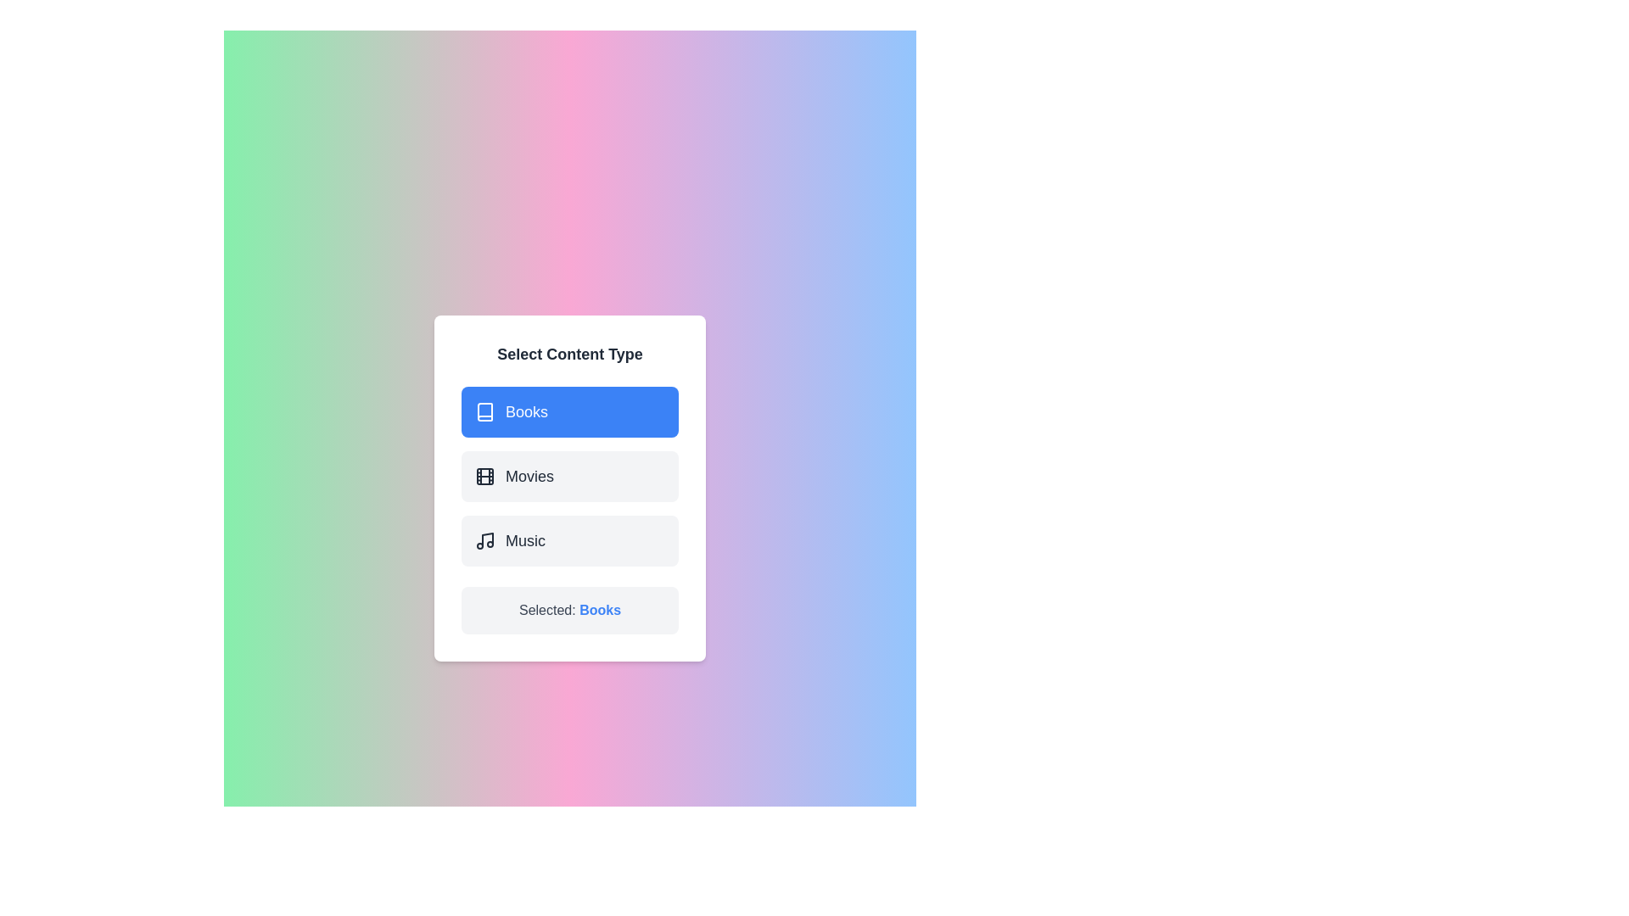  I want to click on the 'Movies' button, which is the second option under the 'Select Content Type' heading, so click(484, 477).